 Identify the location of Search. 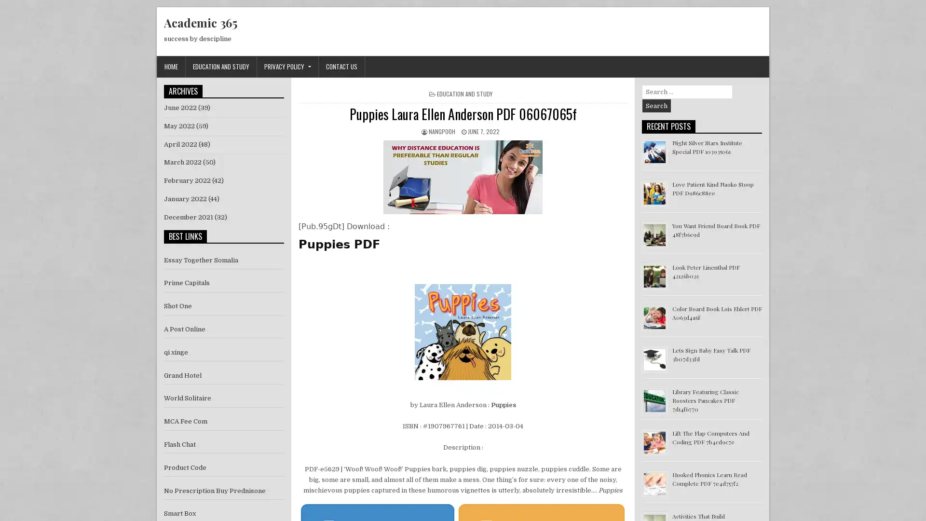
(656, 106).